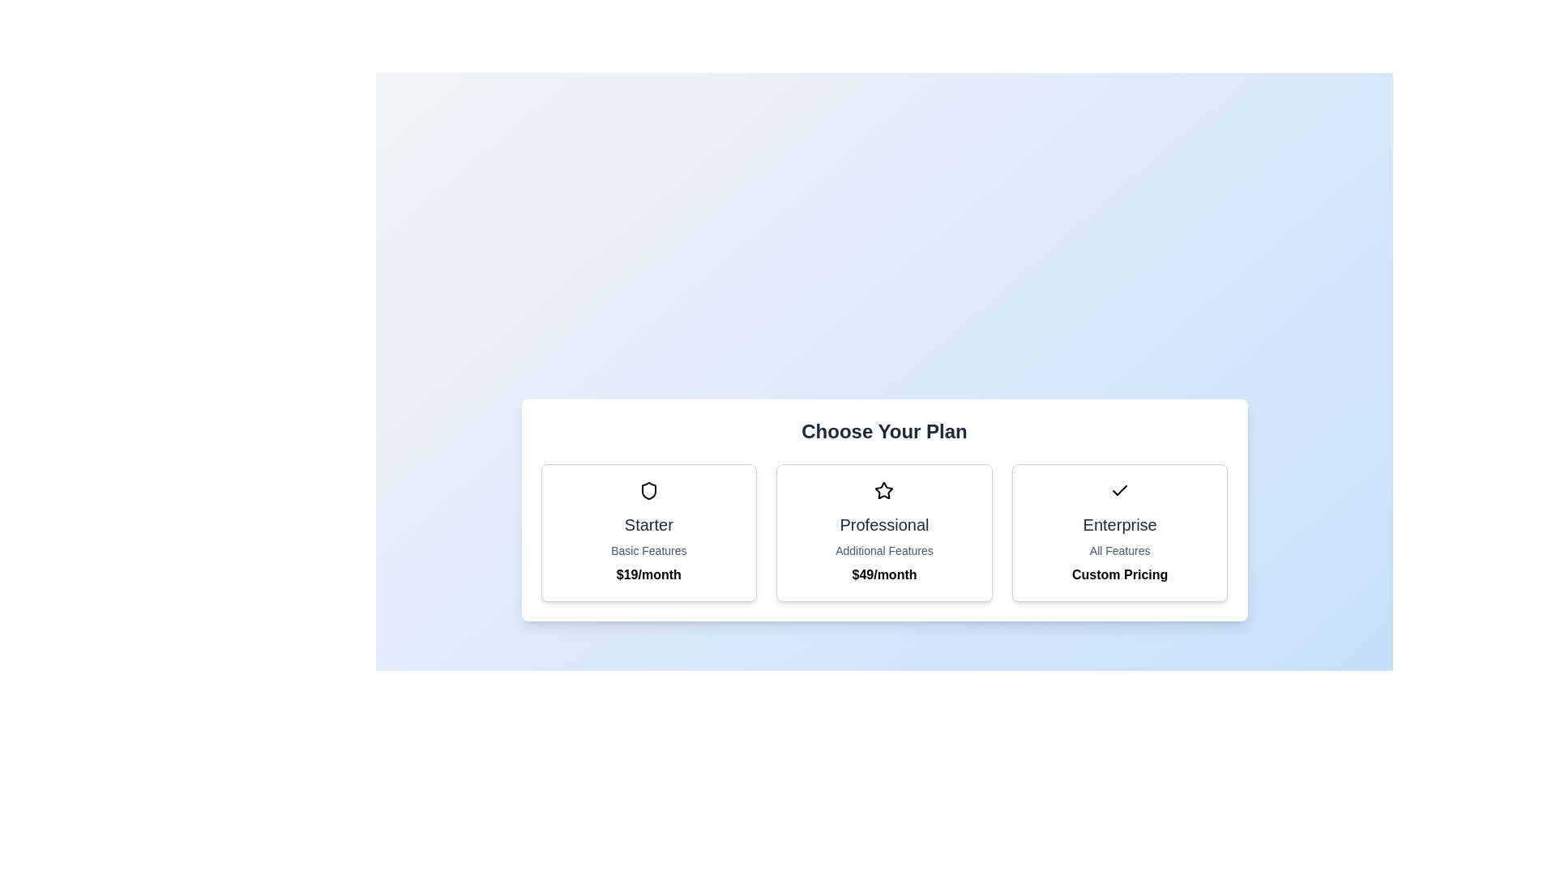 The image size is (1556, 875). I want to click on the non-interactive text label that provides supplementary information for the 'Professional' plan, located below 'Professional' and above '$49/month', so click(883, 549).